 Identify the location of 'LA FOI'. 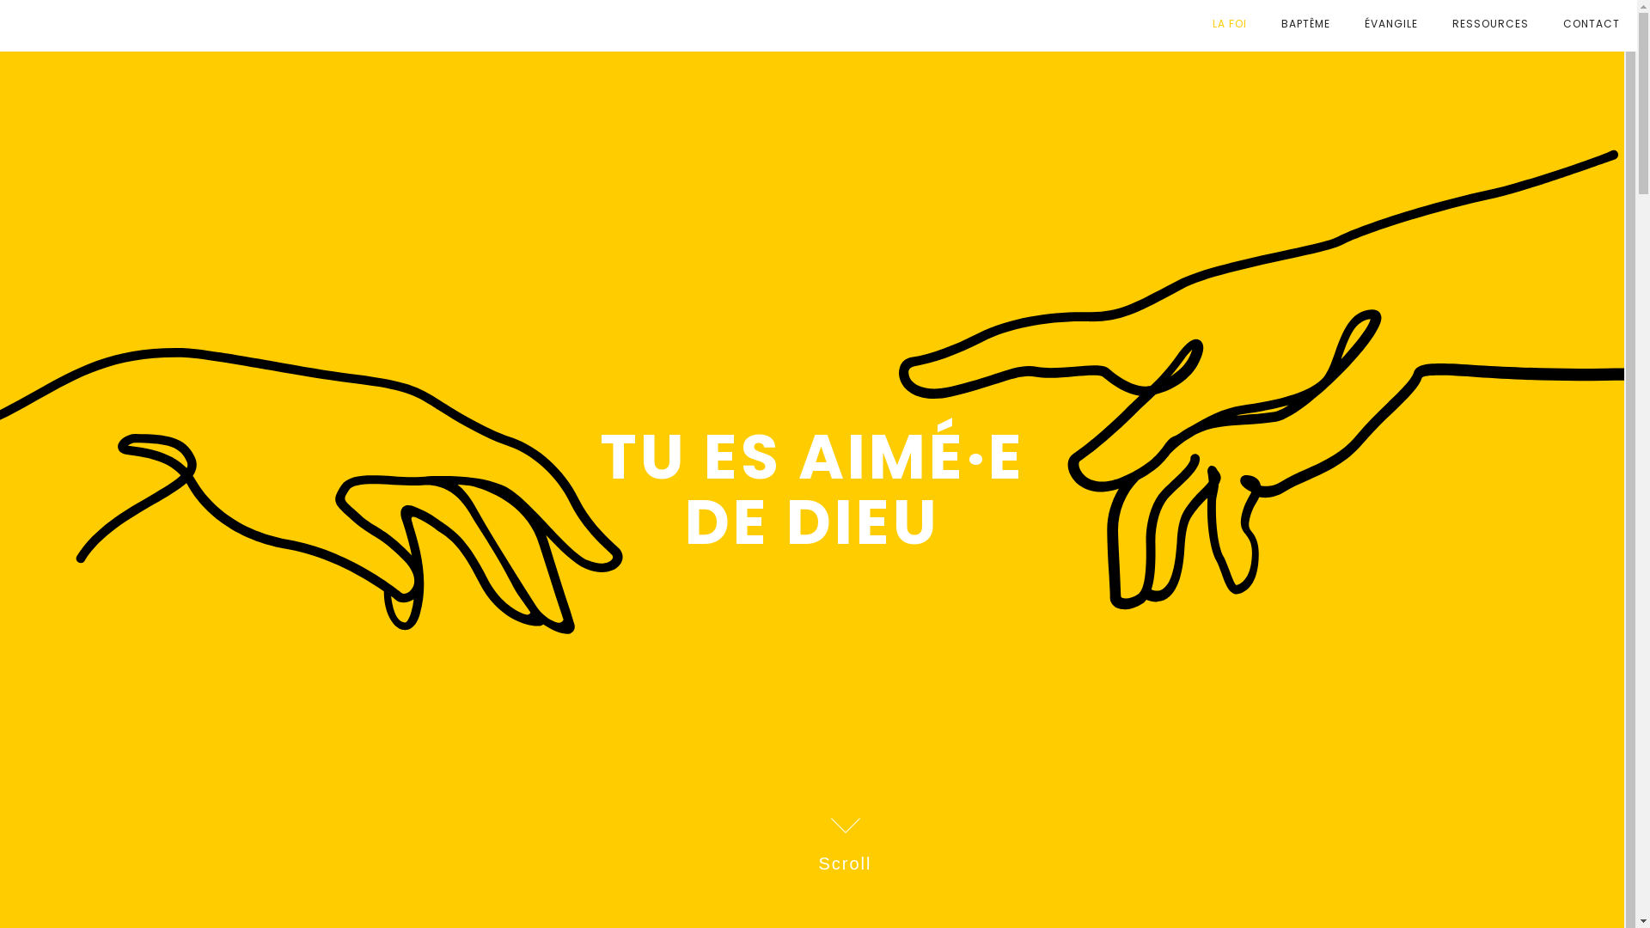
(1228, 23).